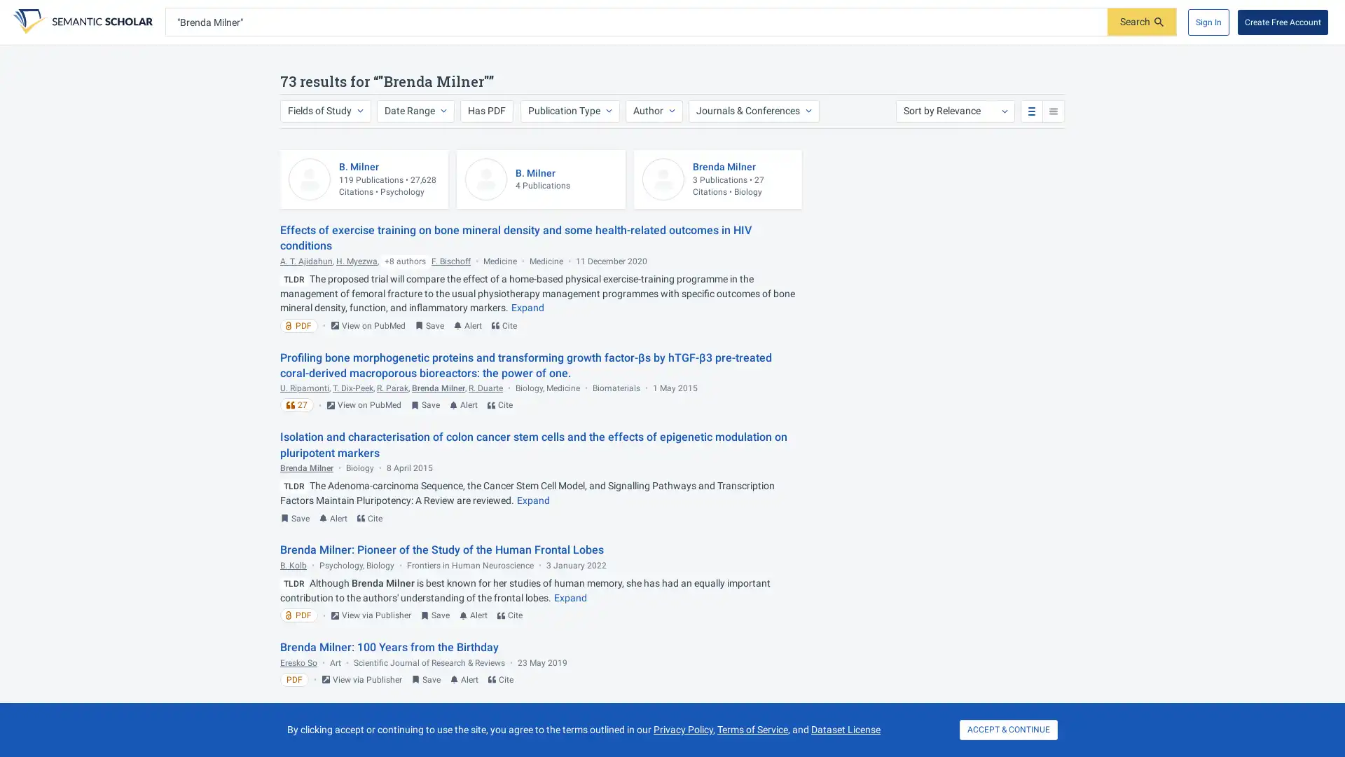  Describe the element at coordinates (1053, 110) in the screenshot. I see `compact search results view` at that location.